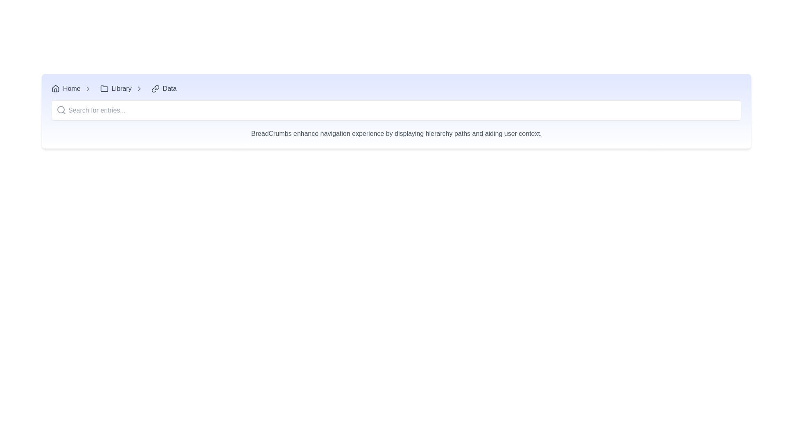 This screenshot has width=786, height=442. Describe the element at coordinates (115, 88) in the screenshot. I see `the 'Library' breadcrumb navigation link, which is styled in gray and changes to indigo upon hover, for additional context menu options` at that location.